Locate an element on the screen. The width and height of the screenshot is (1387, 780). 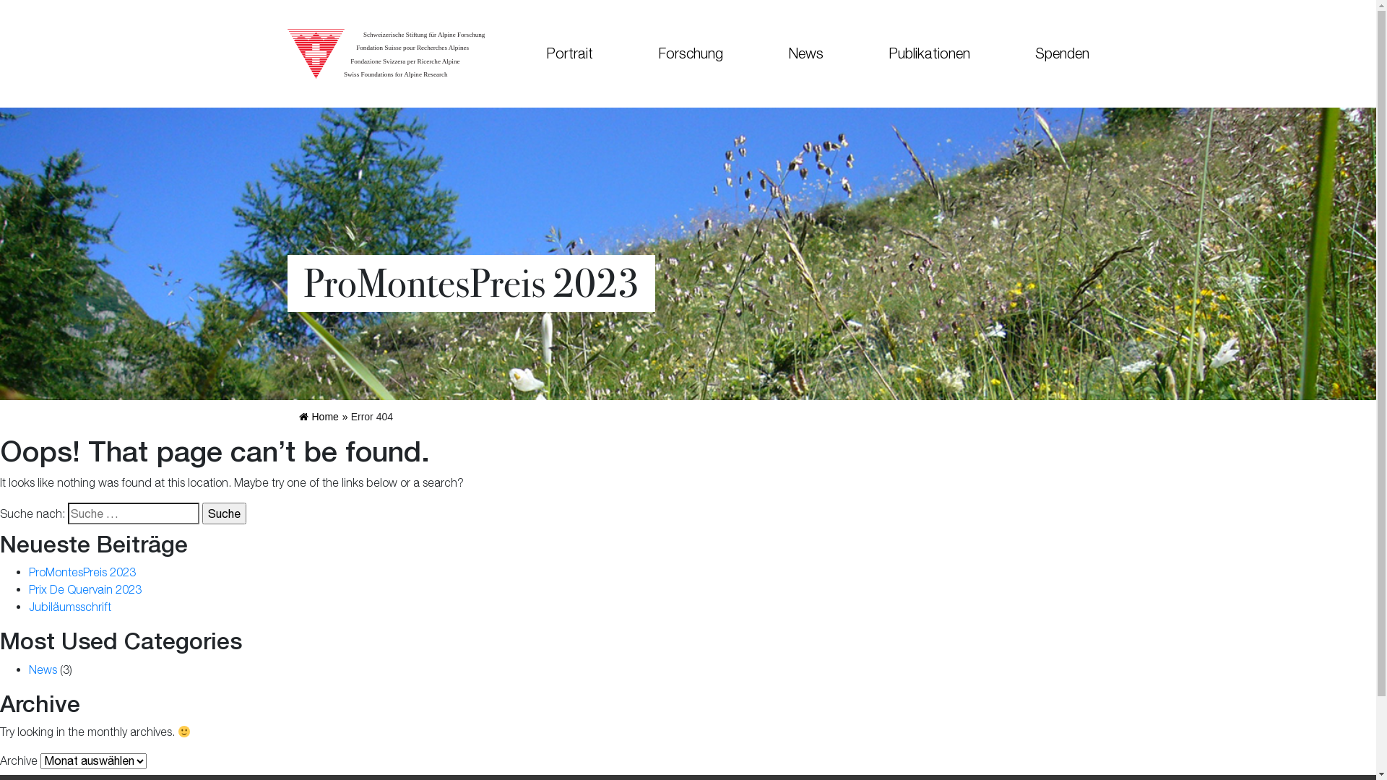
'Publikationen' is located at coordinates (928, 52).